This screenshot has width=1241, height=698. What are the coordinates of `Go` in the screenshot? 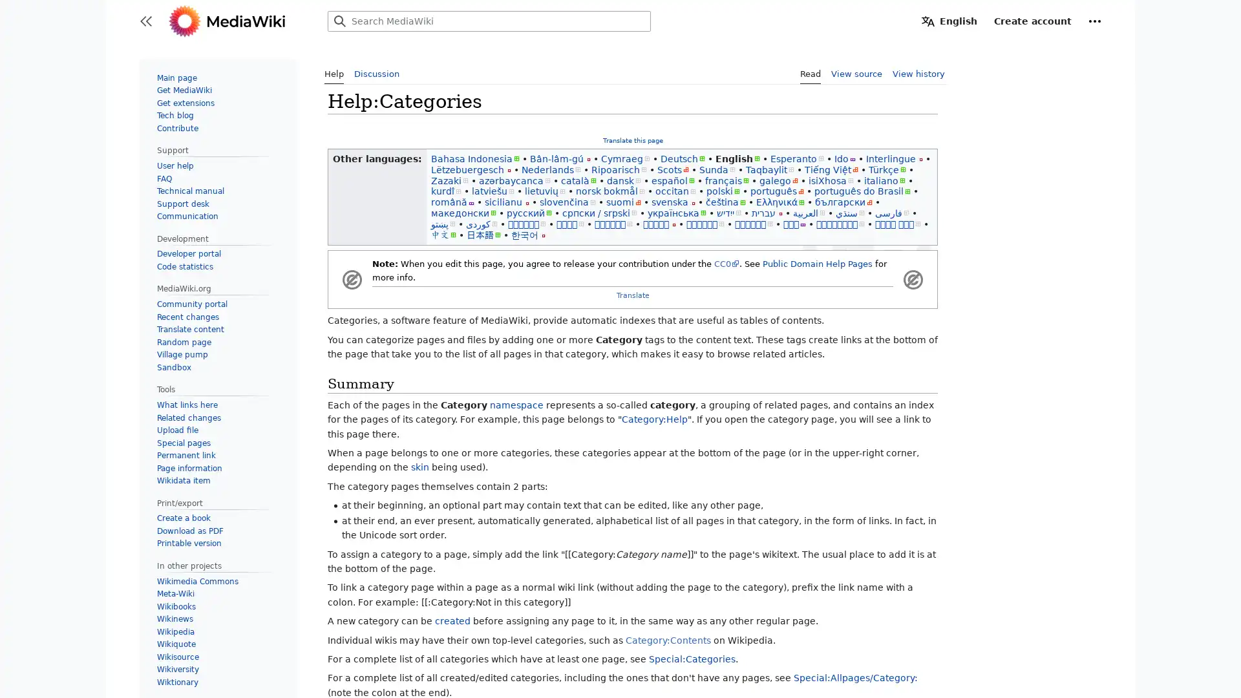 It's located at (340, 21).